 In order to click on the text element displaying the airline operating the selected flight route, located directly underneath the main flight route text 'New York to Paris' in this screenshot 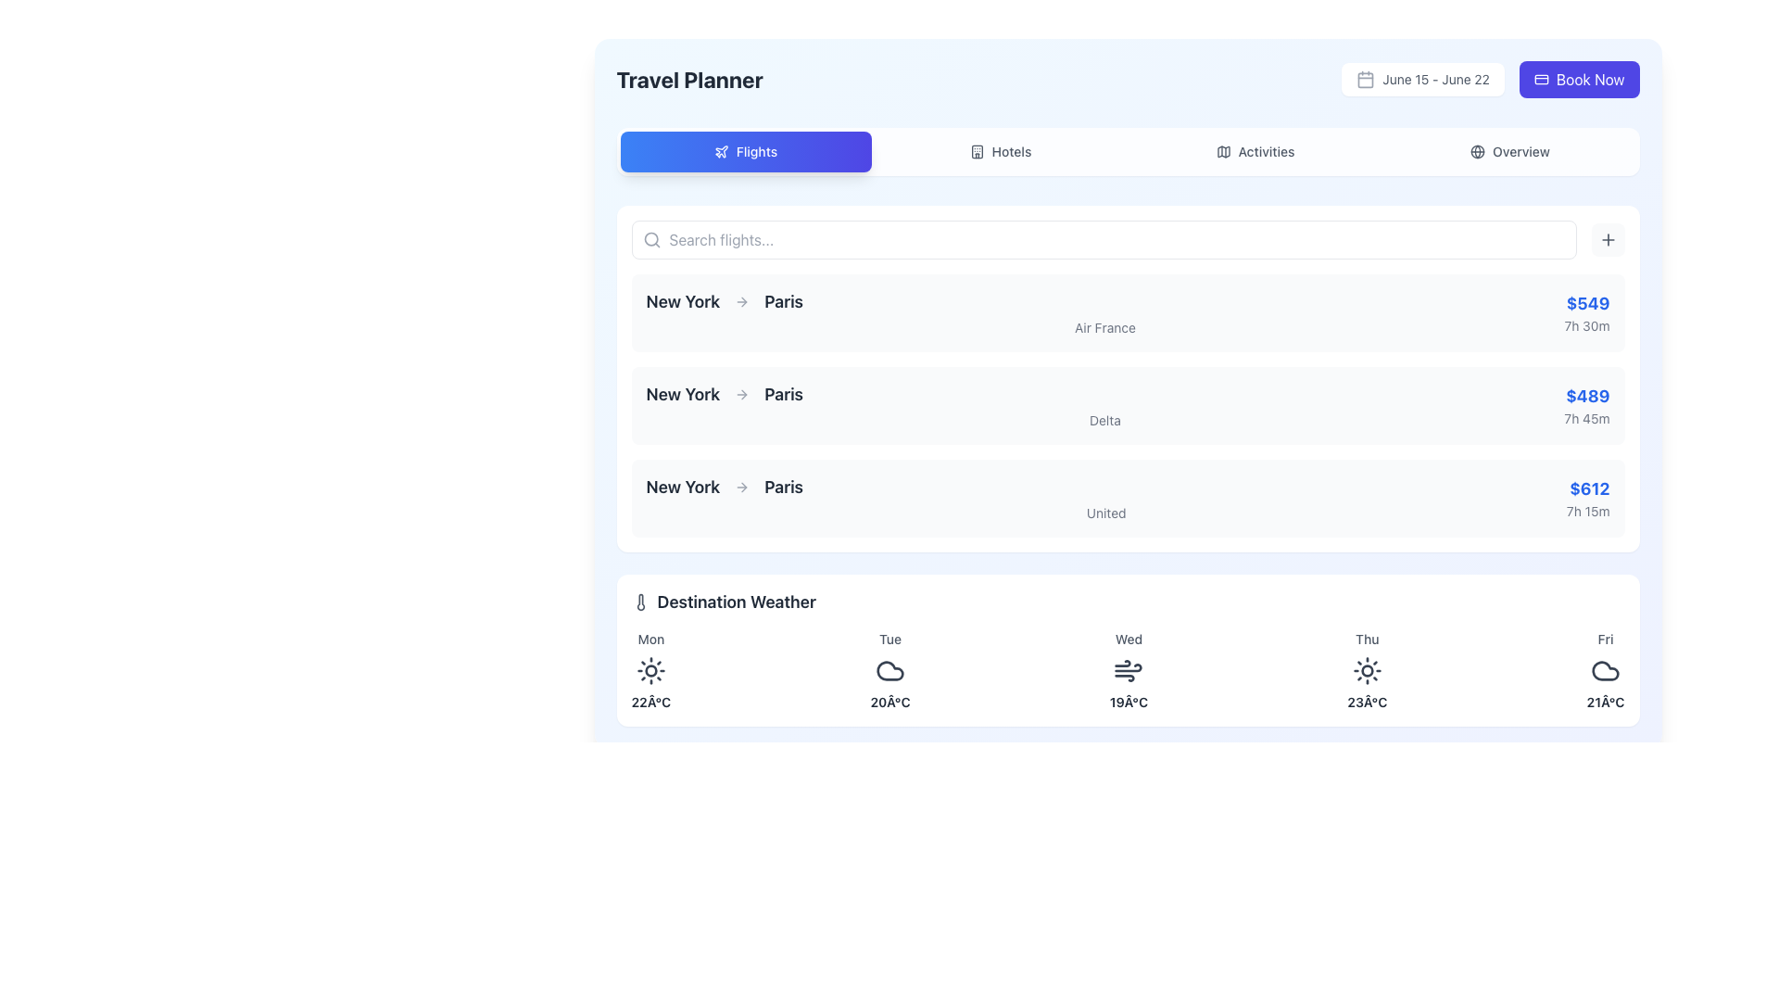, I will do `click(1104, 327)`.